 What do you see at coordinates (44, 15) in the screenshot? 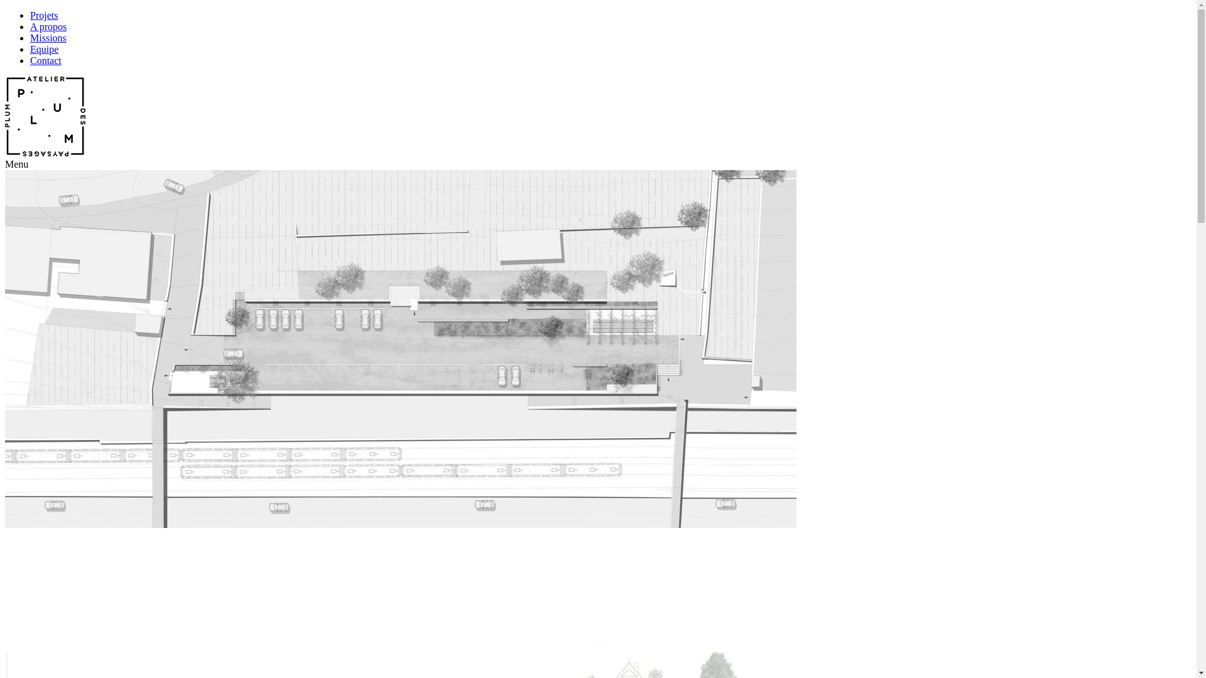
I see `'Projets'` at bounding box center [44, 15].